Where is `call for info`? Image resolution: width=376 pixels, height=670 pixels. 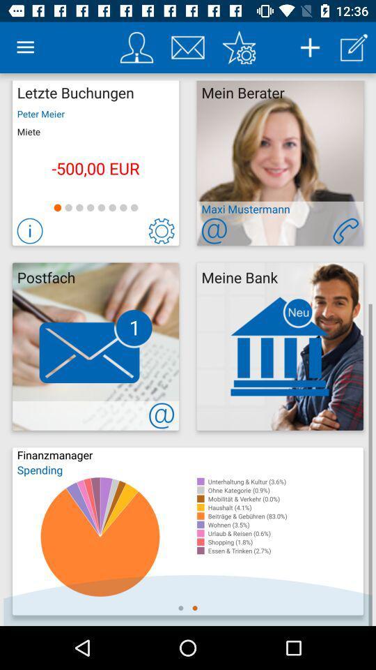 call for info is located at coordinates (345, 231).